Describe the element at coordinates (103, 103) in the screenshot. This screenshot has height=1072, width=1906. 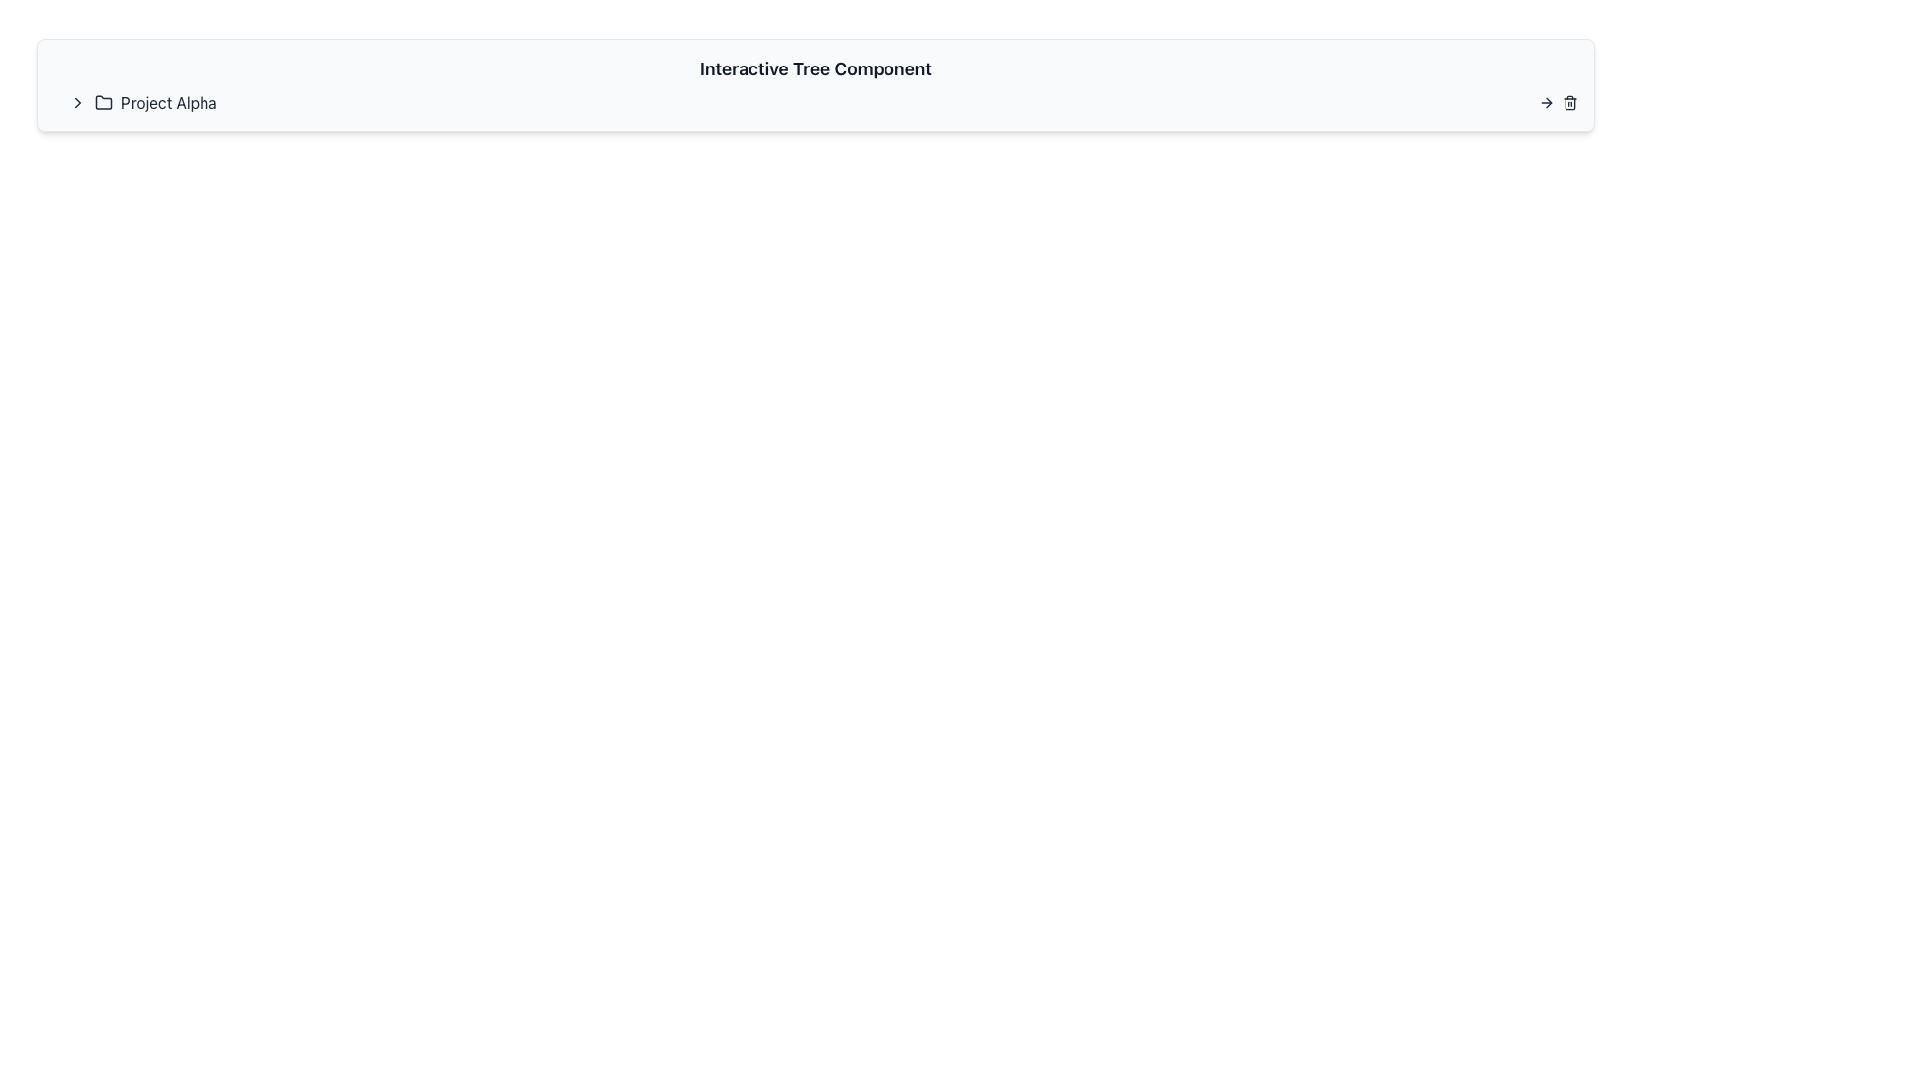
I see `the Icon associated with 'Project Alpha' located in the horizontal toolbar, which is the second graphical element after a chevron icon pointing to the right` at that location.